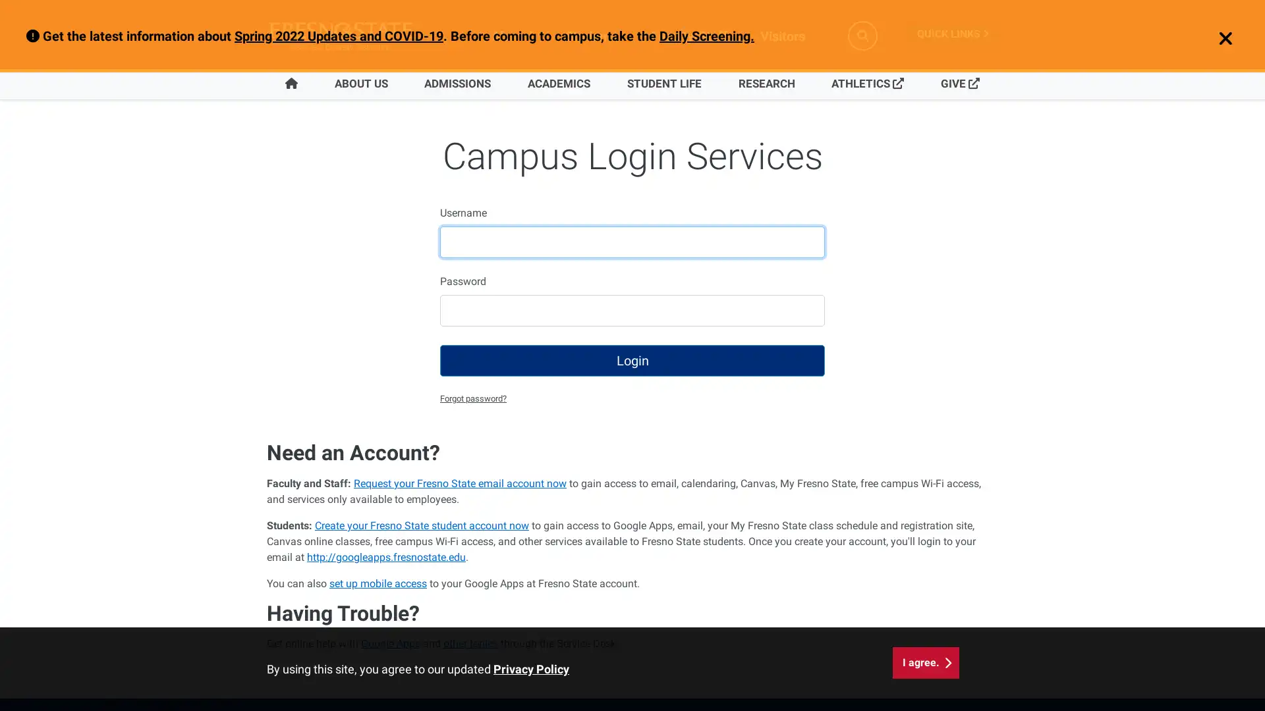 The width and height of the screenshot is (1265, 711). What do you see at coordinates (1218, 39) in the screenshot?
I see `Close` at bounding box center [1218, 39].